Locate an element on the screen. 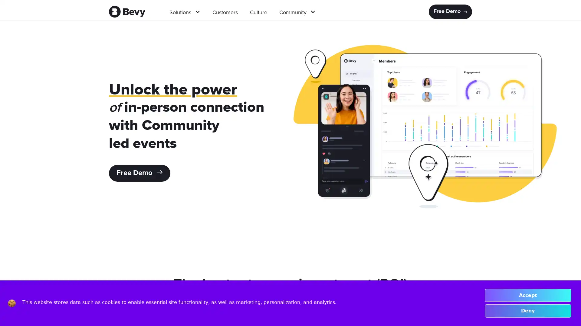 This screenshot has width=581, height=326. Deny is located at coordinates (527, 311).